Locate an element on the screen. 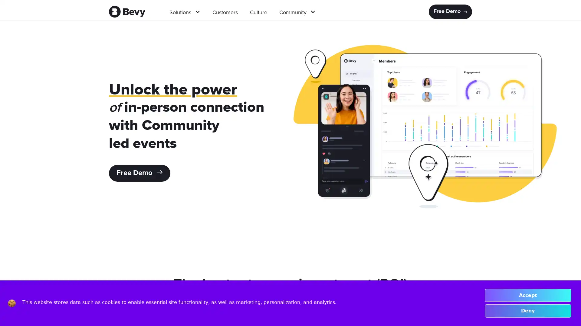 This screenshot has width=581, height=326. Deny is located at coordinates (527, 311).